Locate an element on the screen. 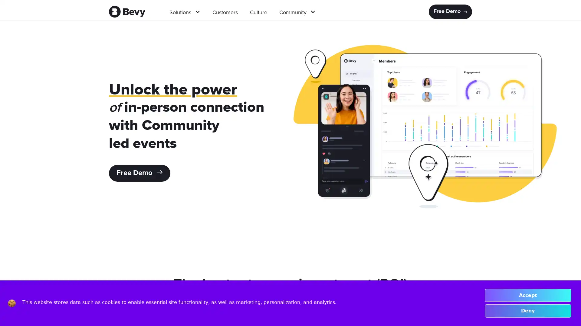 This screenshot has width=581, height=326. Deny is located at coordinates (527, 311).